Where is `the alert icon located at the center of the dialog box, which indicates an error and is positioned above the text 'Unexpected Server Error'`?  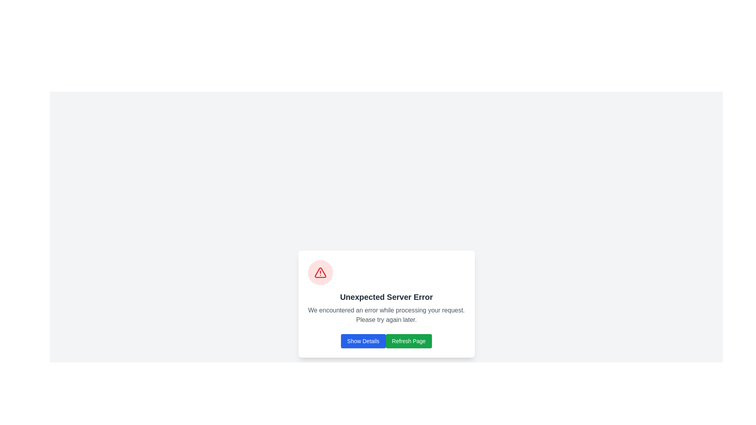 the alert icon located at the center of the dialog box, which indicates an error and is positioned above the text 'Unexpected Server Error' is located at coordinates (320, 272).